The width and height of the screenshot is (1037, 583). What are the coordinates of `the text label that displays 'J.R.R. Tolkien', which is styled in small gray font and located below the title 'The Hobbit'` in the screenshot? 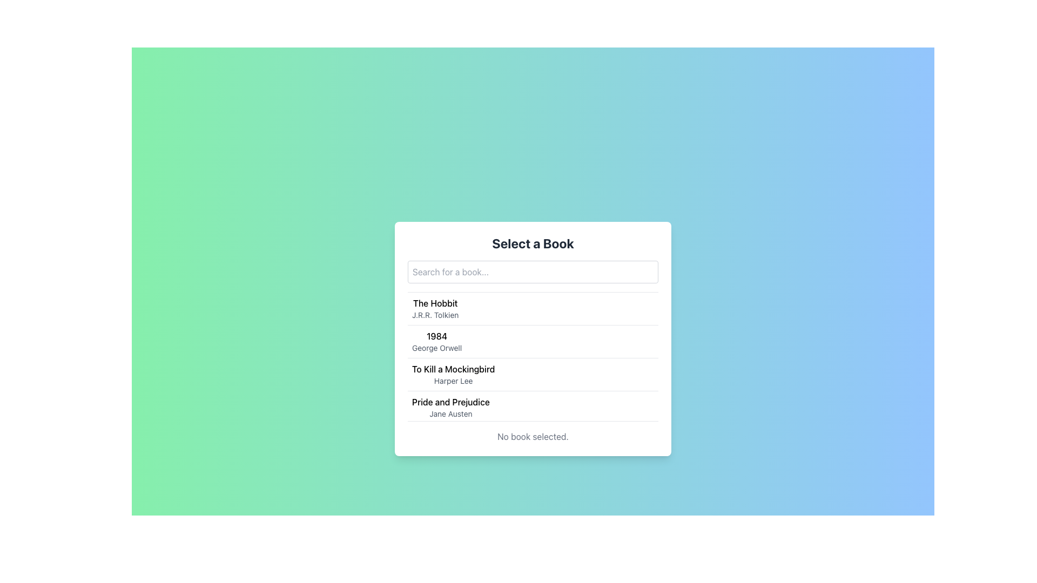 It's located at (435, 315).